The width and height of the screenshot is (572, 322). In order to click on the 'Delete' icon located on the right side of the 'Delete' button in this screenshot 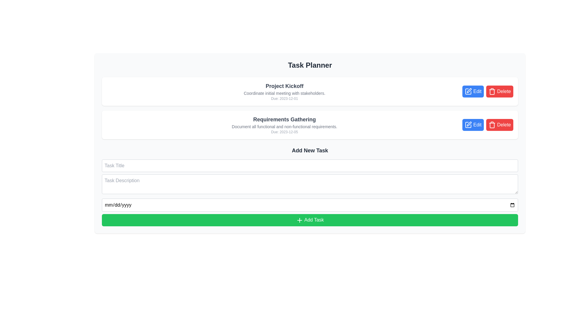, I will do `click(492, 125)`.